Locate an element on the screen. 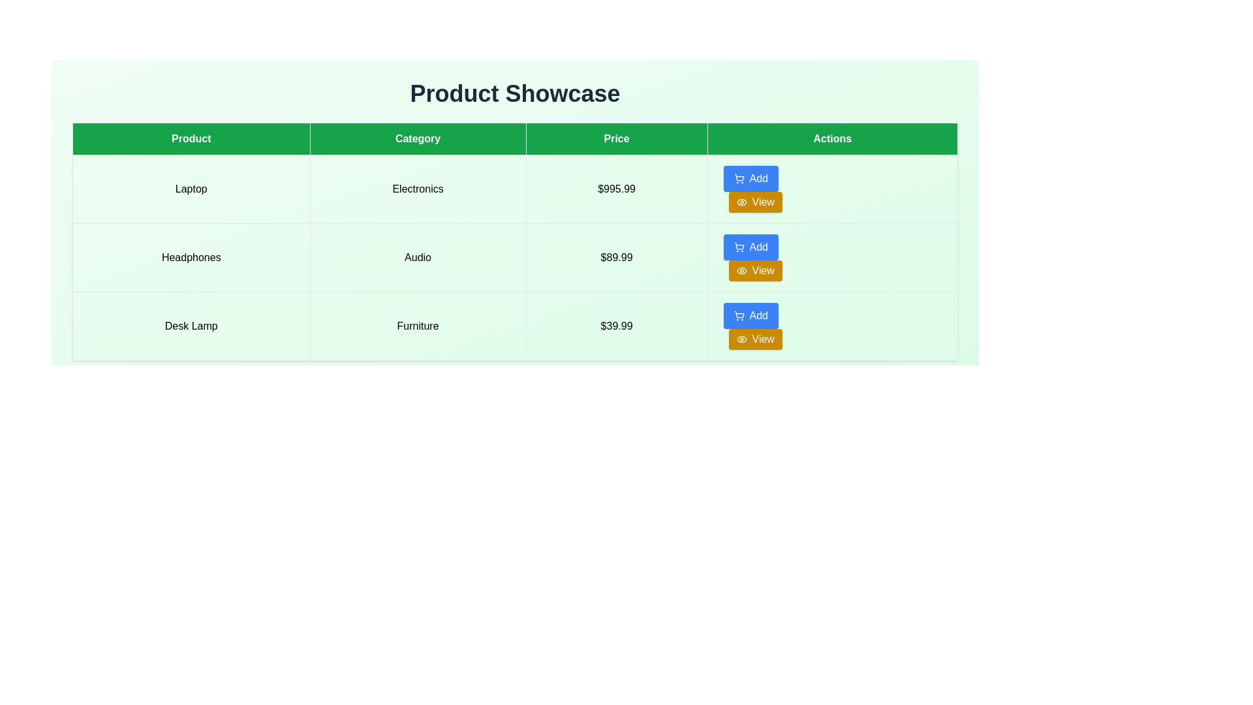 The height and width of the screenshot is (705, 1253). the 'Price' column header in the table, which is the third header from the left, following 'Category' and preceding 'Actions' is located at coordinates (616, 138).